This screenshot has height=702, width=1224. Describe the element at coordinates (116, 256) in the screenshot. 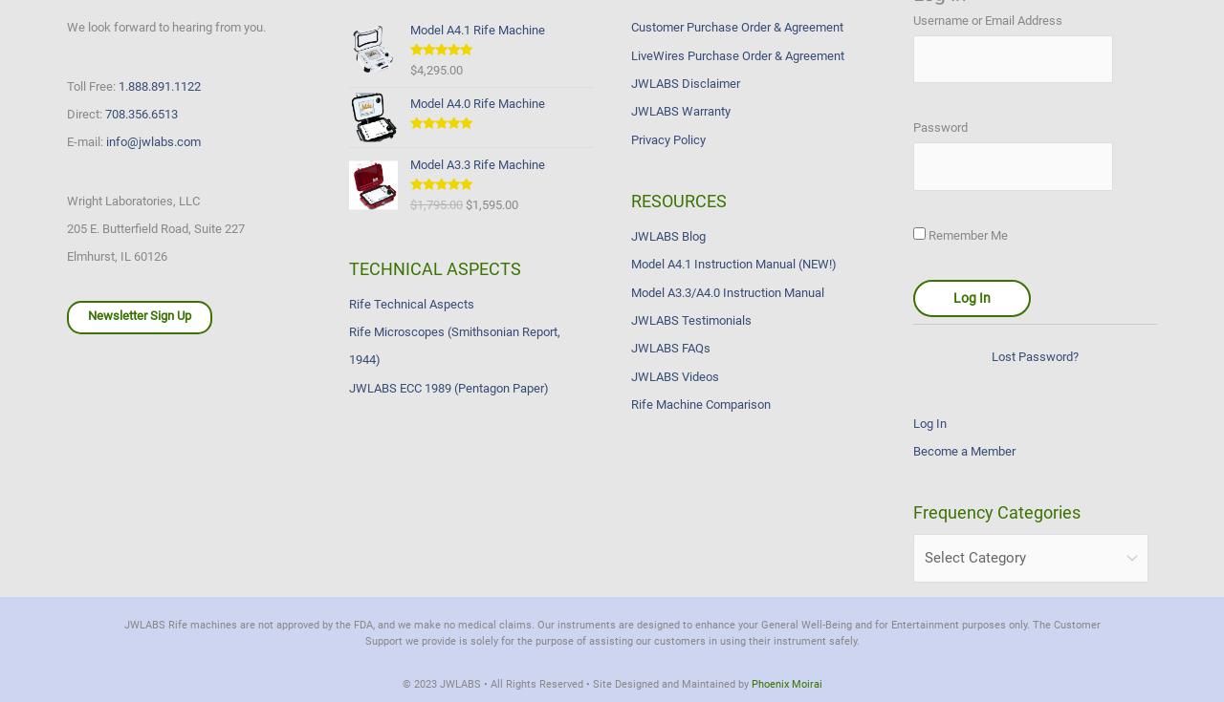

I see `'Elmhurst, IL 60126'` at that location.